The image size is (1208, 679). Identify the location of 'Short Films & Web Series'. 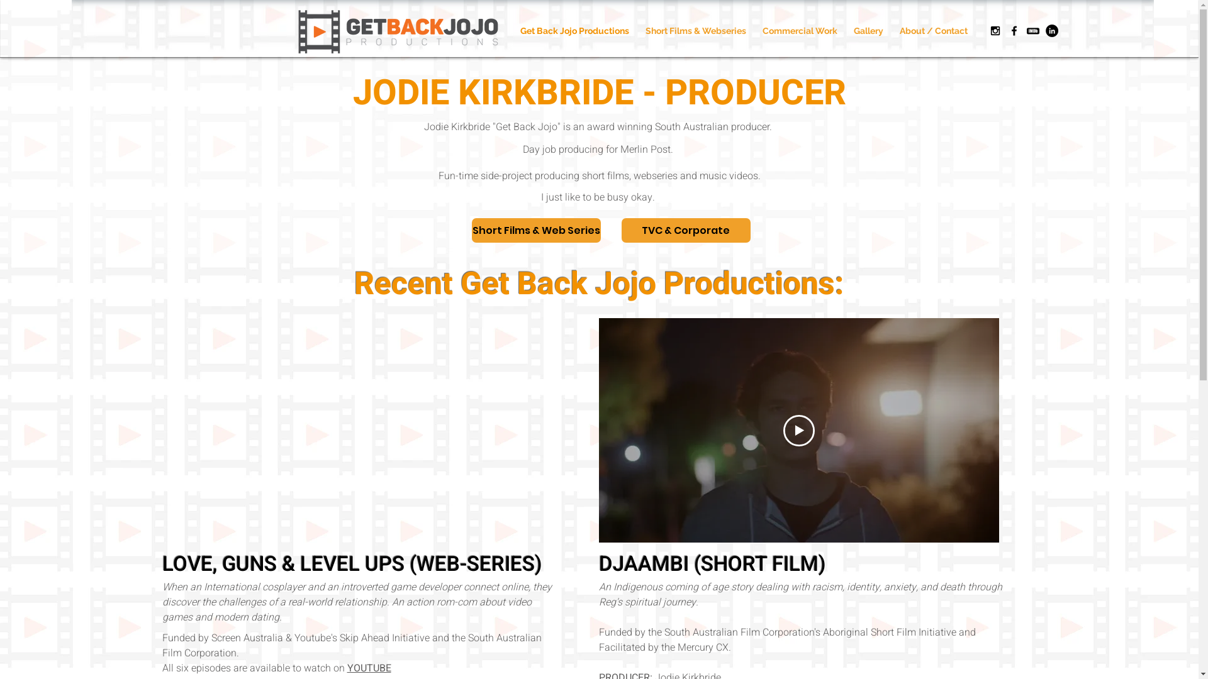
(536, 230).